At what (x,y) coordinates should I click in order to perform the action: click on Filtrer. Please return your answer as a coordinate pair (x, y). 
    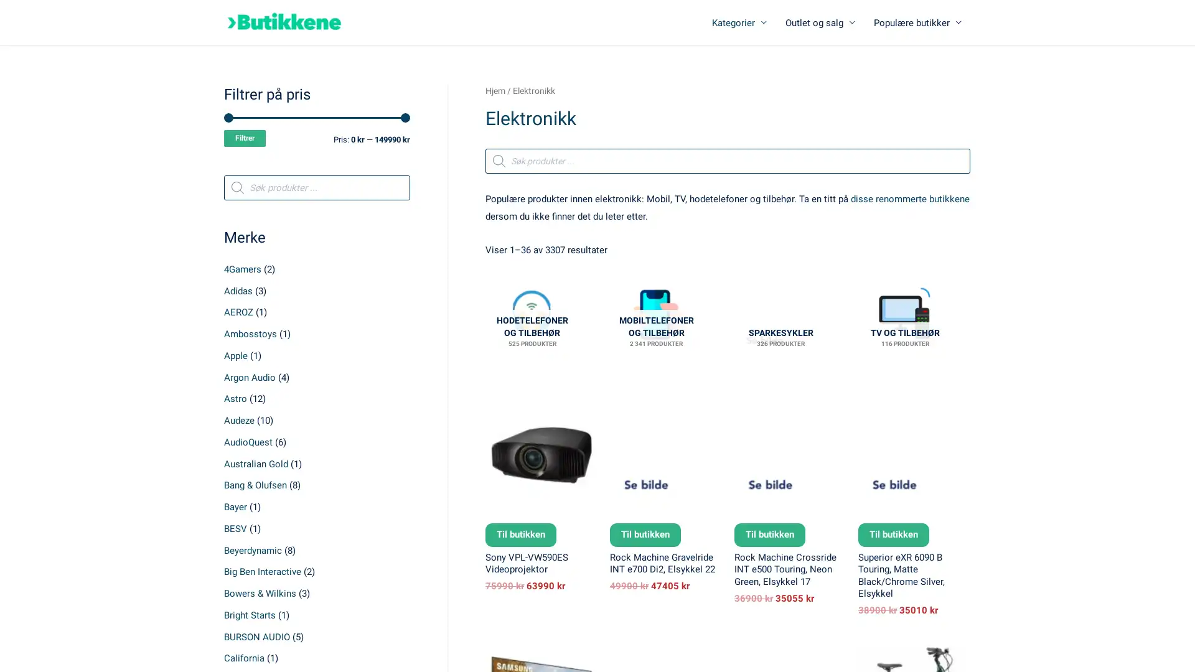
    Looking at the image, I should click on (245, 138).